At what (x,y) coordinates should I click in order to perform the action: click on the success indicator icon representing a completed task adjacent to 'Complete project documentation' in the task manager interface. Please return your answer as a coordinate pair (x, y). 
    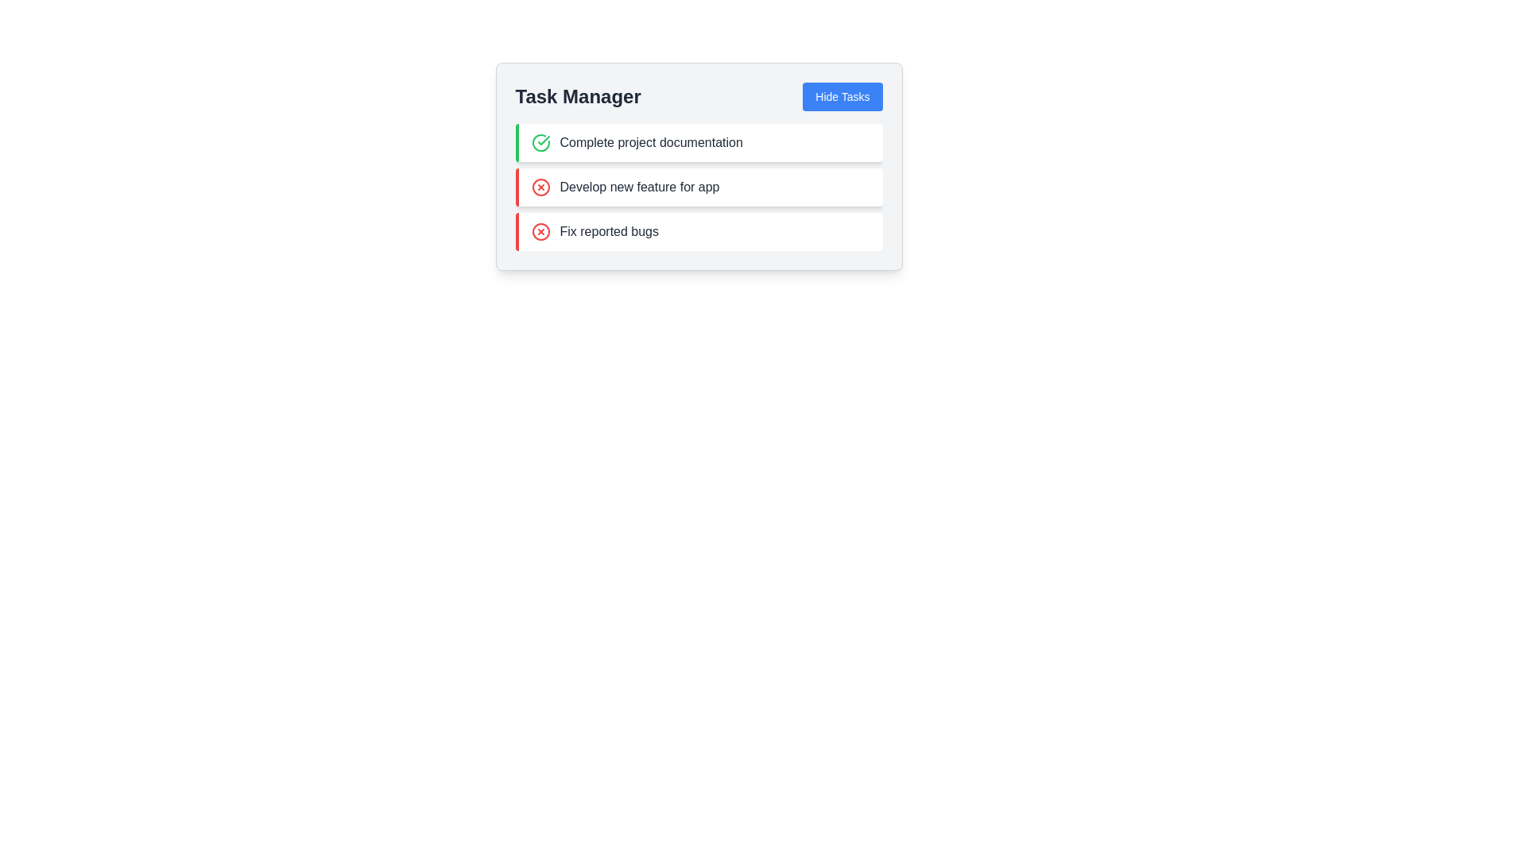
    Looking at the image, I should click on (544, 140).